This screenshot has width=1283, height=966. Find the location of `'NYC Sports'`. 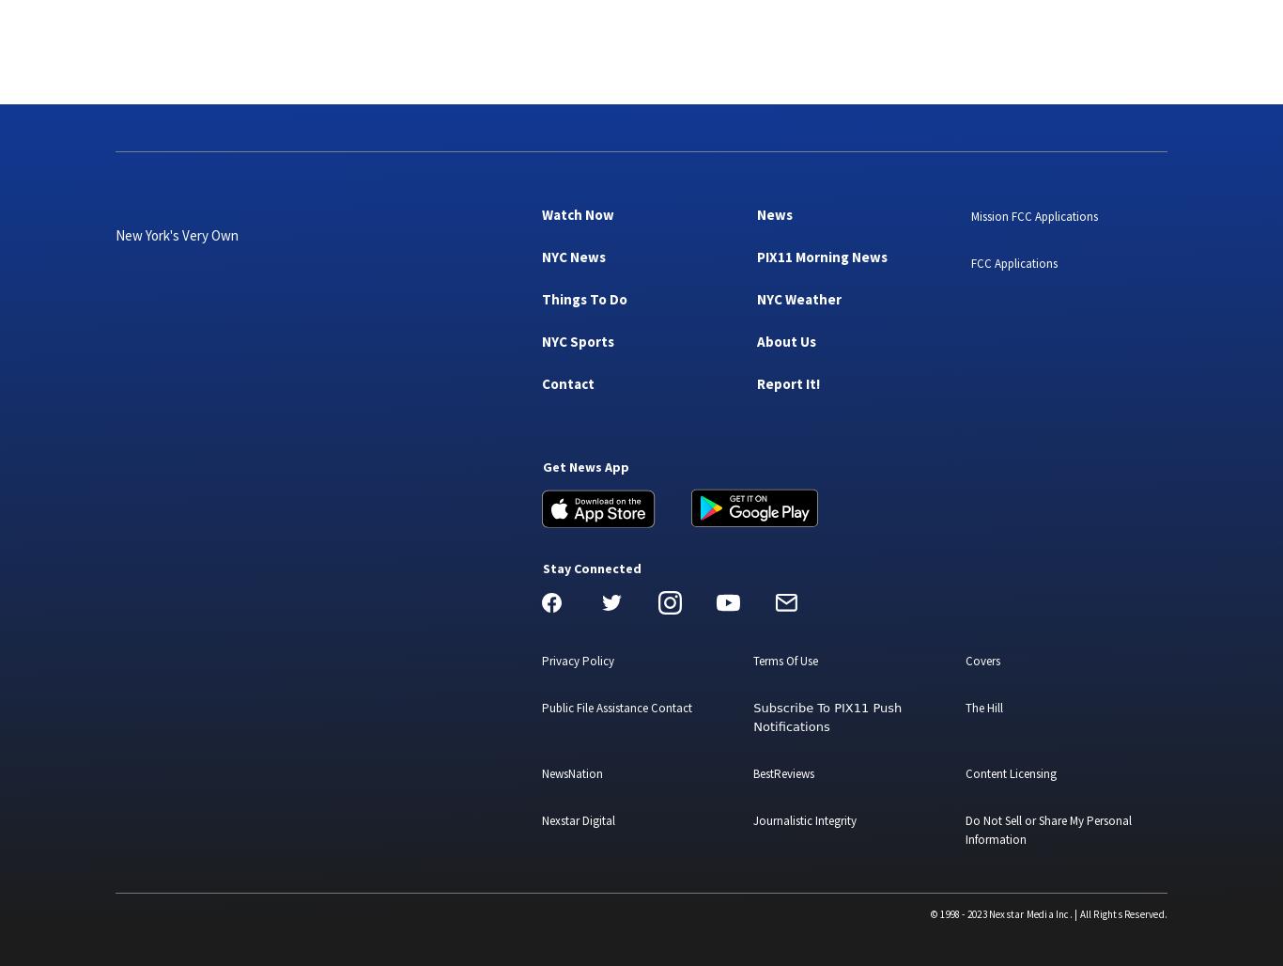

'NYC Sports' is located at coordinates (577, 339).